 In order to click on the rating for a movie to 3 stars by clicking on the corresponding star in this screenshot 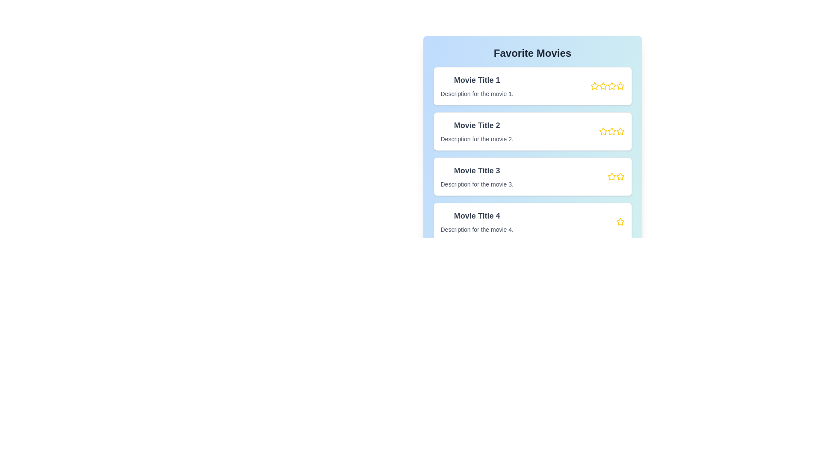, I will do `click(611, 86)`.